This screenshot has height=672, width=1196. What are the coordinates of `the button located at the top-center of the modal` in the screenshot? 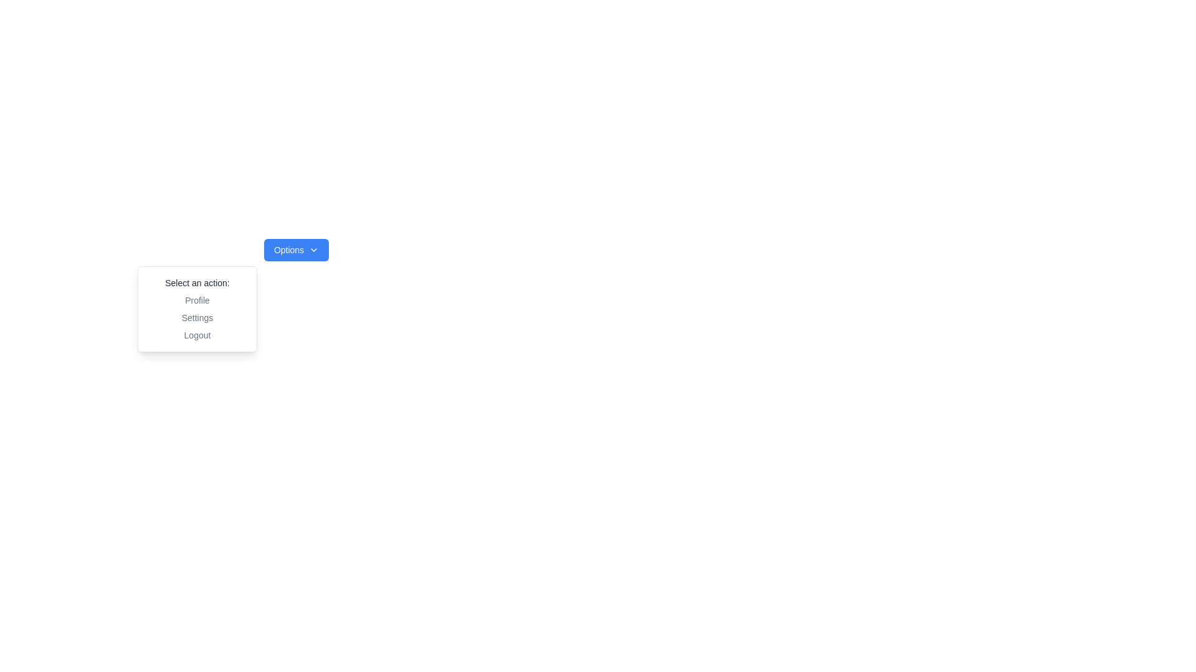 It's located at (295, 250).